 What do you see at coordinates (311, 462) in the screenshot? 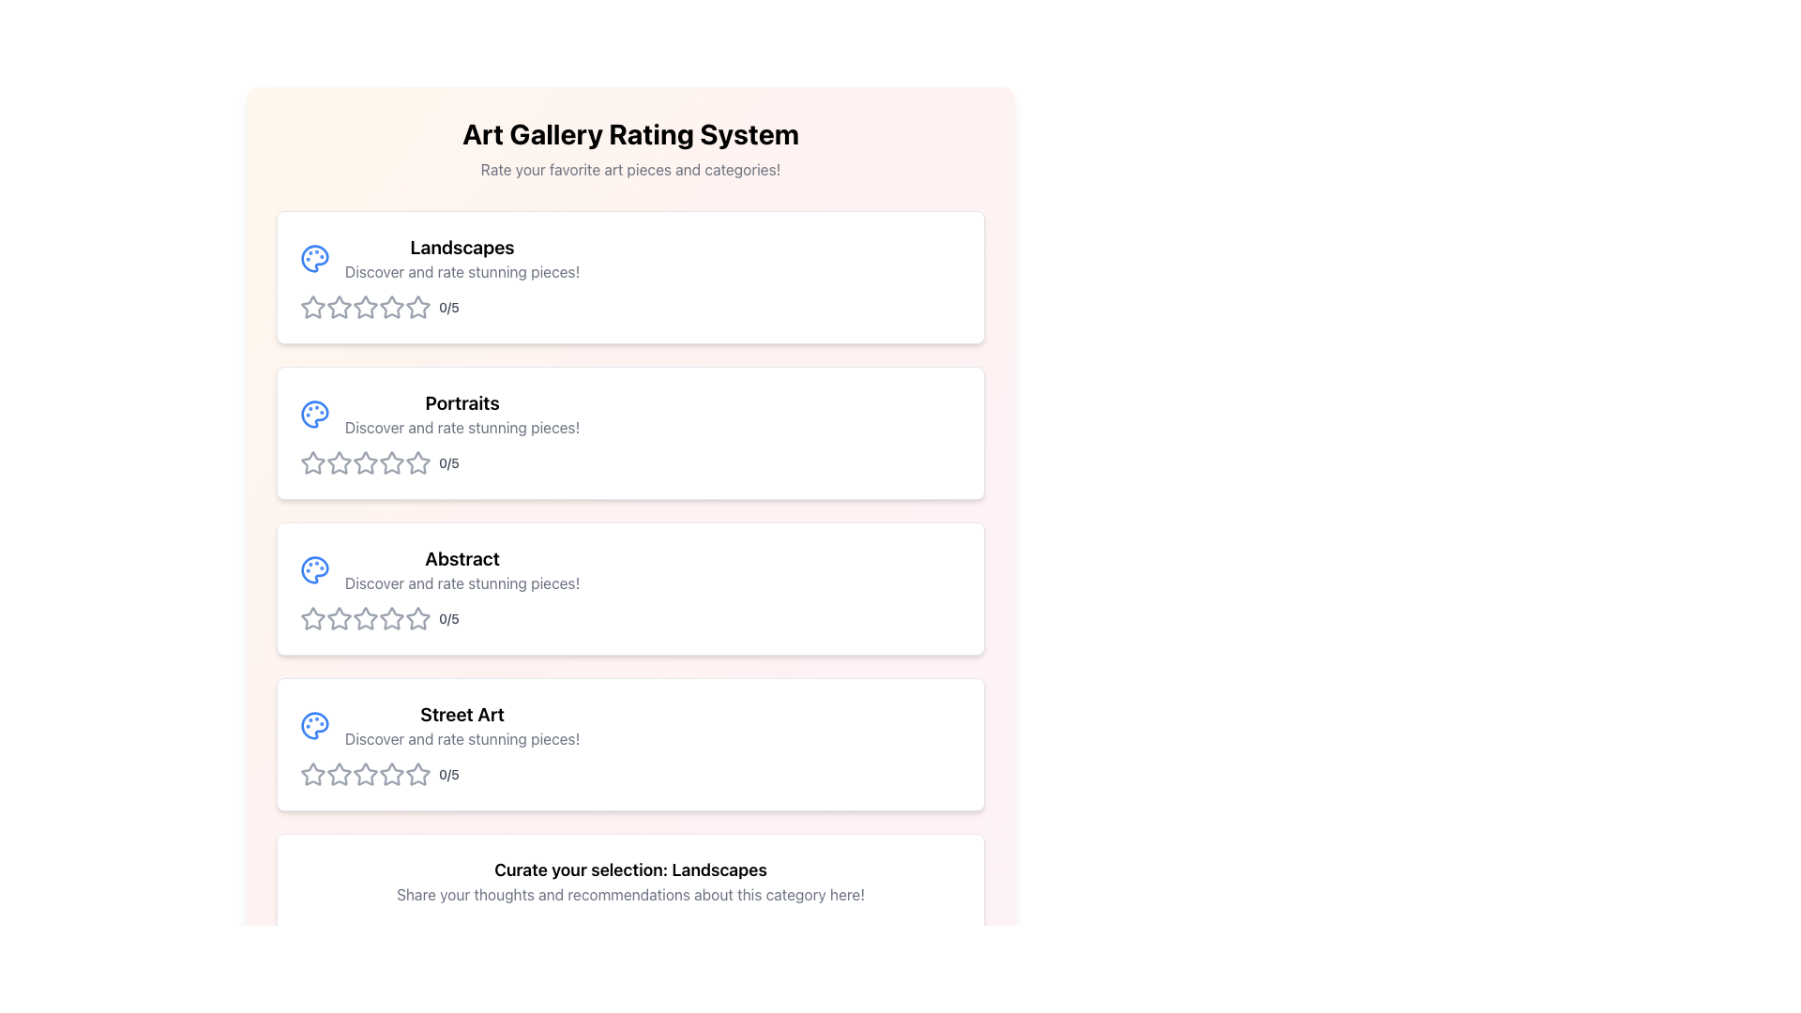
I see `the first star-shaped Rating Star Button, which is hollow with a gray outline, to rate the category under 'Portraits'` at bounding box center [311, 462].